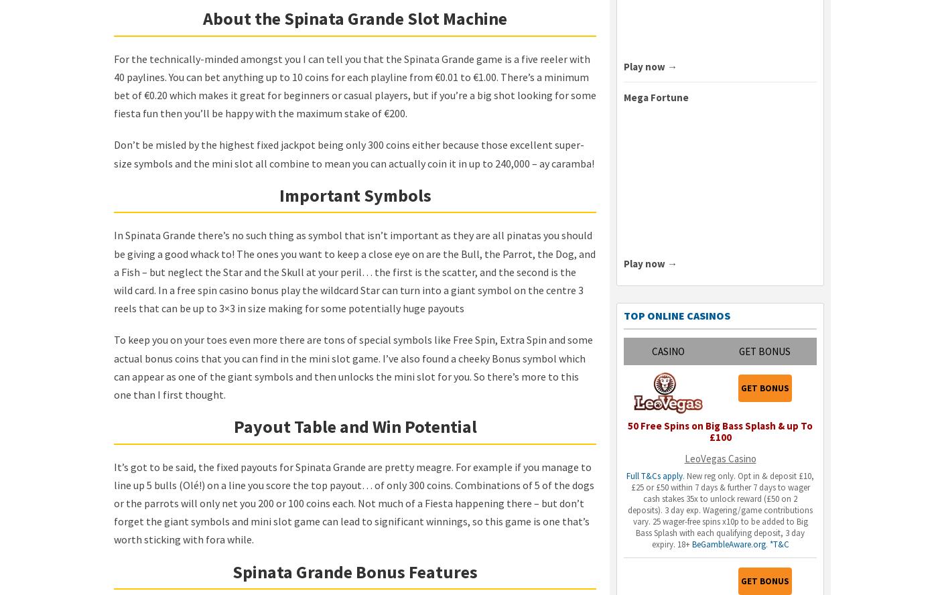 Image resolution: width=938 pixels, height=595 pixels. What do you see at coordinates (354, 425) in the screenshot?
I see `'Payout Table and Win Potential'` at bounding box center [354, 425].